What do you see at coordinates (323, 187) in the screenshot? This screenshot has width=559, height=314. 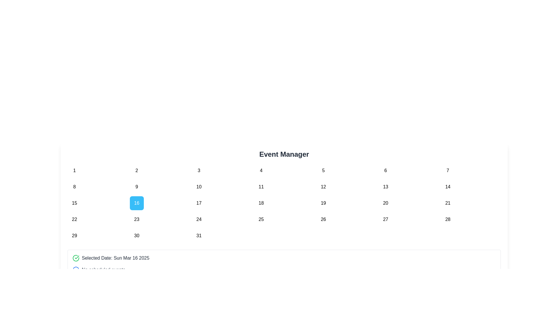 I see `the button representing the 12th day in the calendar view` at bounding box center [323, 187].